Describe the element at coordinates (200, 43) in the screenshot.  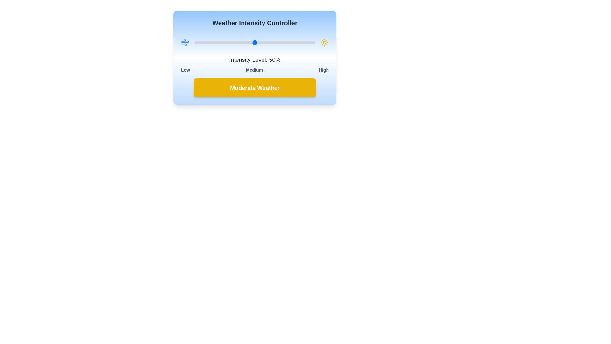
I see `the slider to set the weather intensity to 5%` at that location.